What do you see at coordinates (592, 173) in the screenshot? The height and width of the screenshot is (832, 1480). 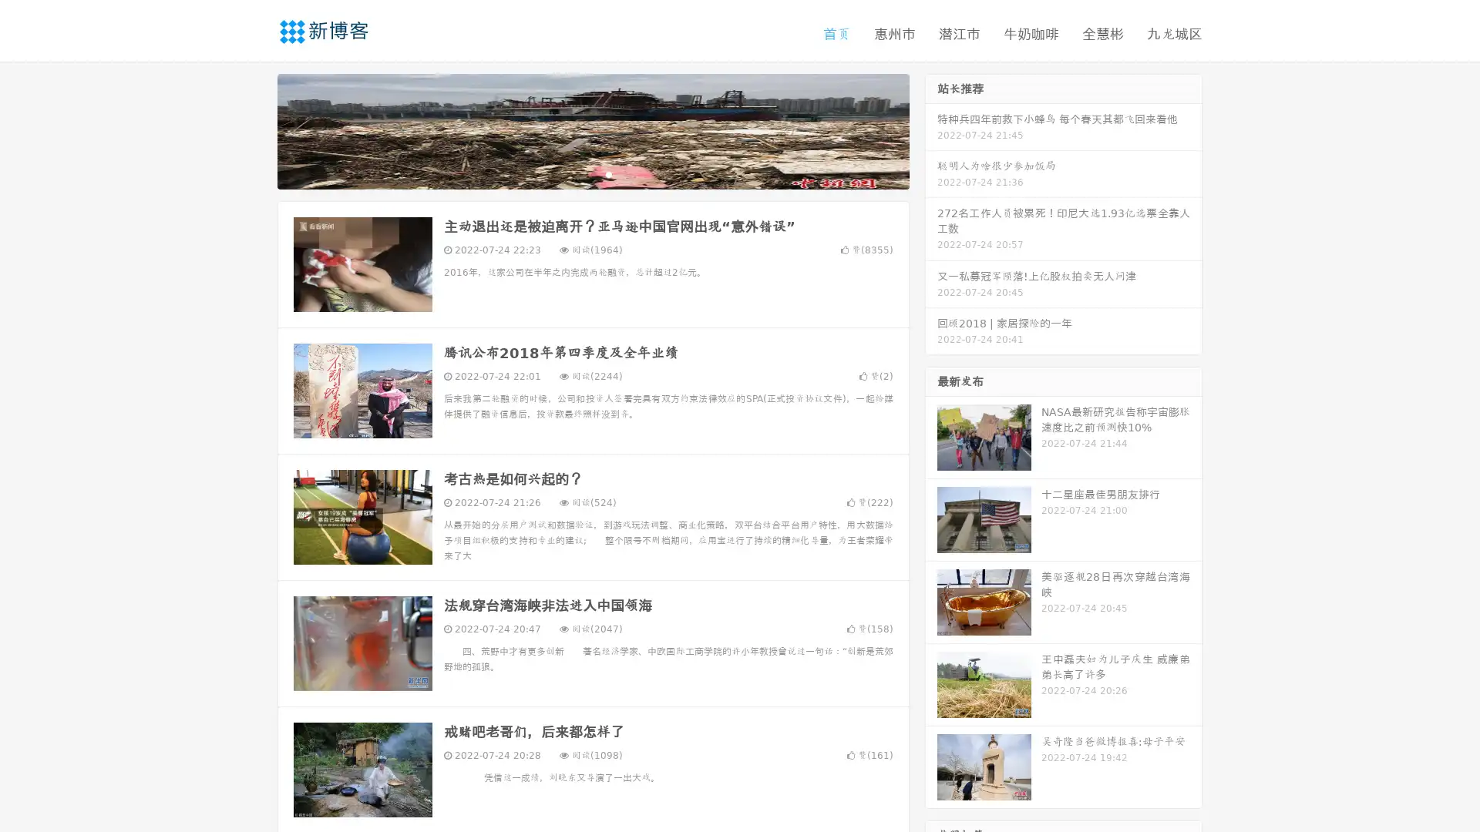 I see `Go to slide 2` at bounding box center [592, 173].